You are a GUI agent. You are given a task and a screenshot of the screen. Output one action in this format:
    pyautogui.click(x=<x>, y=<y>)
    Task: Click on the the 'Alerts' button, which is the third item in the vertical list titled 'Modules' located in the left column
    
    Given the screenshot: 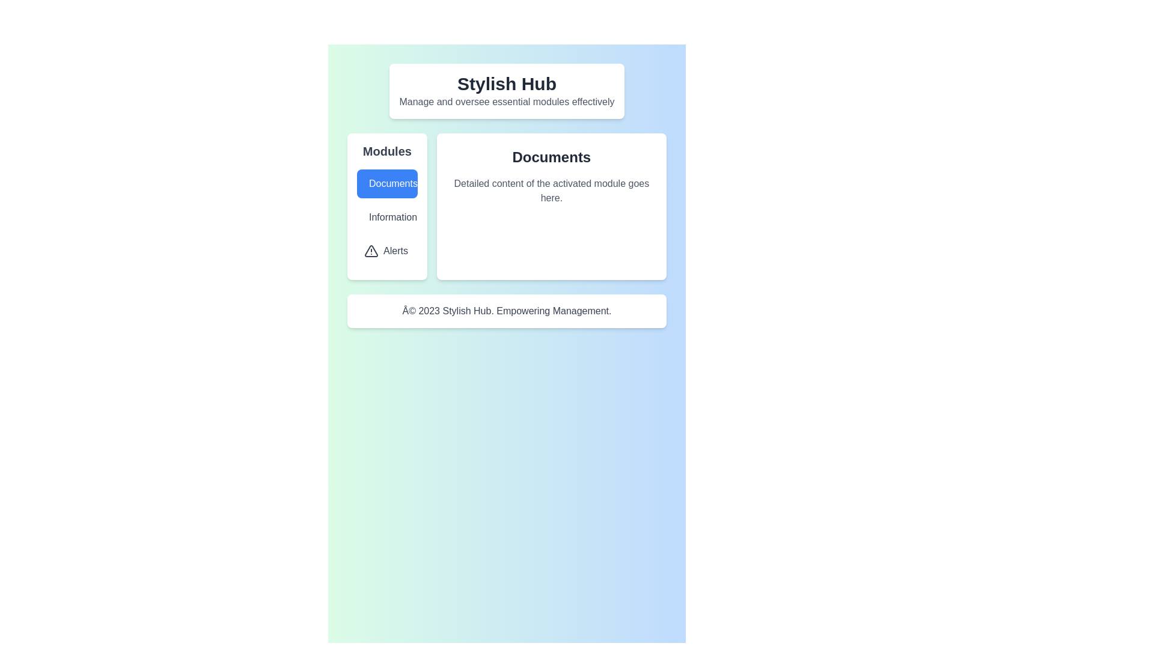 What is the action you would take?
    pyautogui.click(x=387, y=250)
    